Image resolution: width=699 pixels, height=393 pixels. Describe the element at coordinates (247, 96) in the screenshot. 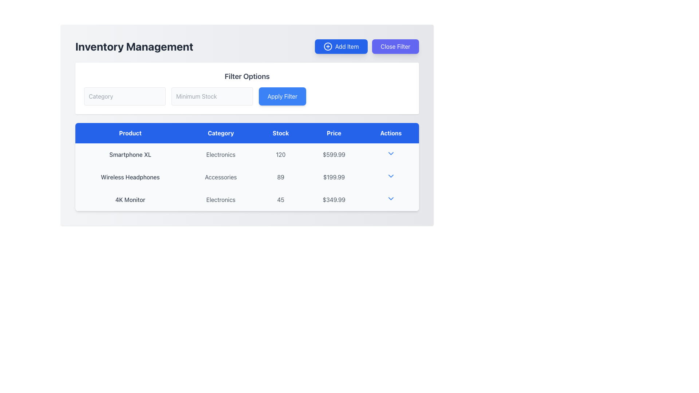

I see `the filter button located to the right of the 'Minimum Stock' input field` at that location.